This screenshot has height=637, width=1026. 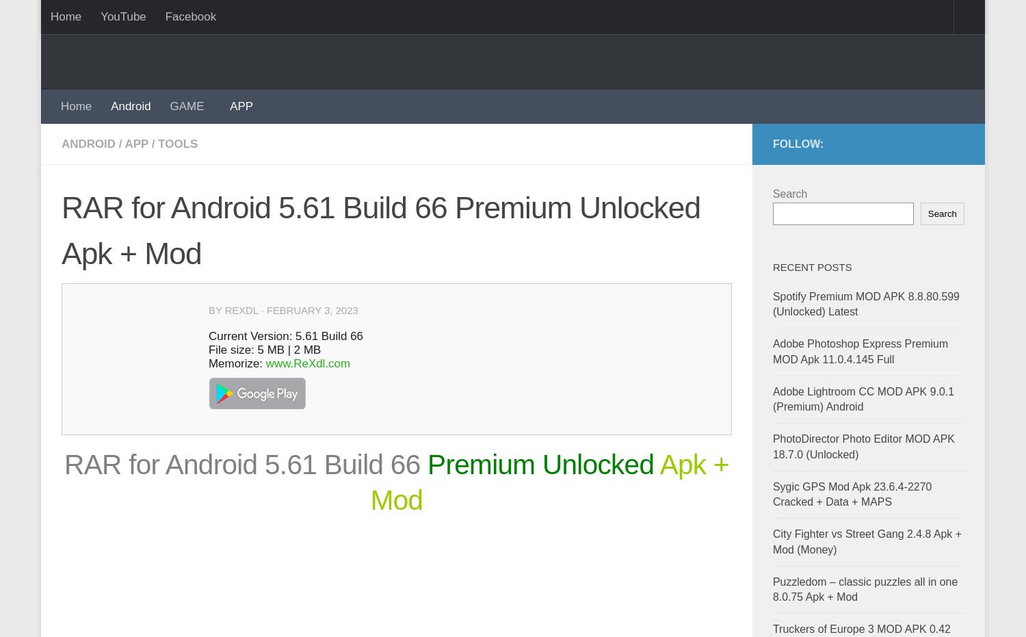 I want to click on 'RAR for Android 5.61 Build 66', so click(x=241, y=463).